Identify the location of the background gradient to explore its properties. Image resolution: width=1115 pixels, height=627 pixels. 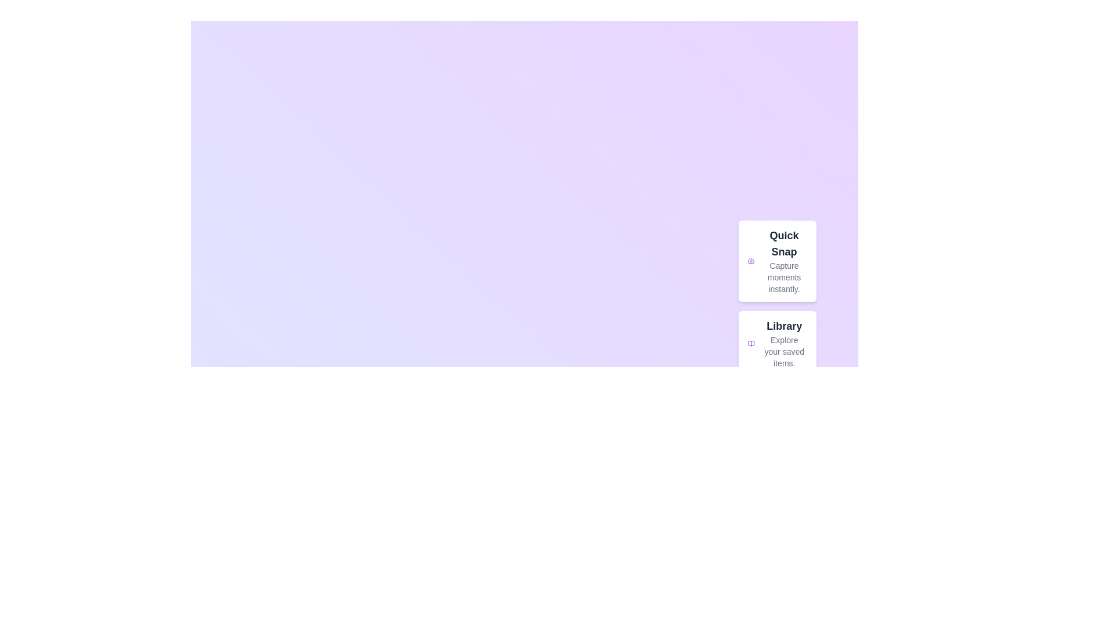
(445, 334).